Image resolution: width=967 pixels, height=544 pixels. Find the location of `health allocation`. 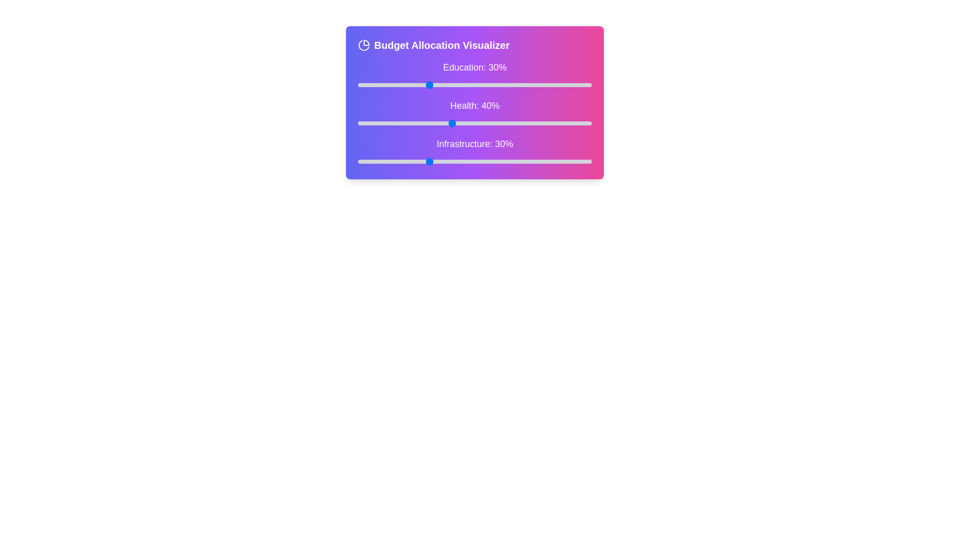

health allocation is located at coordinates (585, 123).